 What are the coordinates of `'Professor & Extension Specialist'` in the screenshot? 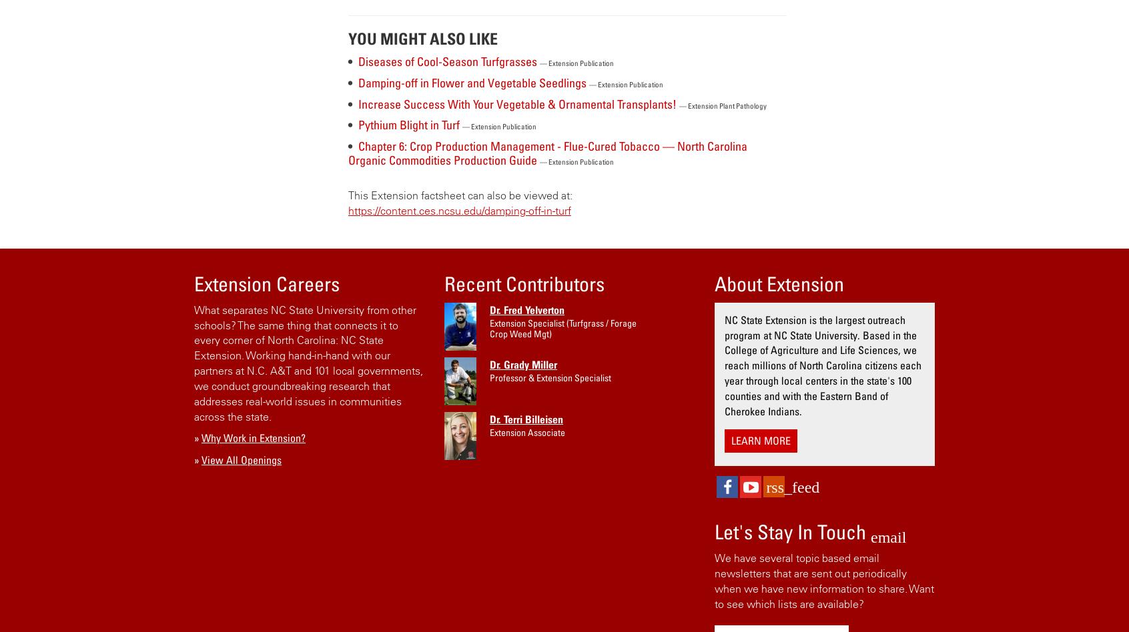 It's located at (550, 377).